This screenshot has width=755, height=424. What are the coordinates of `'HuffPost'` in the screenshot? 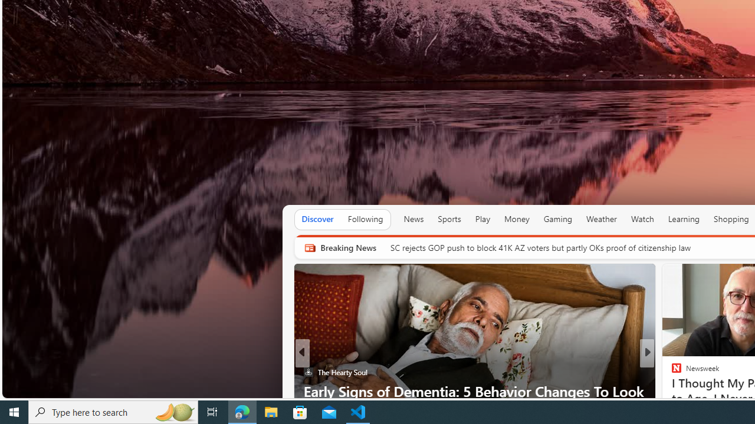 It's located at (671, 372).